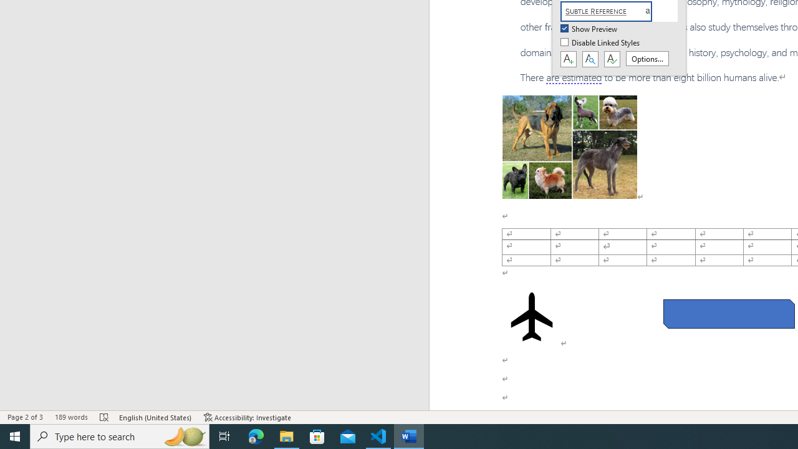 This screenshot has height=449, width=798. I want to click on 'Spelling and Grammar Check Errors', so click(105, 417).